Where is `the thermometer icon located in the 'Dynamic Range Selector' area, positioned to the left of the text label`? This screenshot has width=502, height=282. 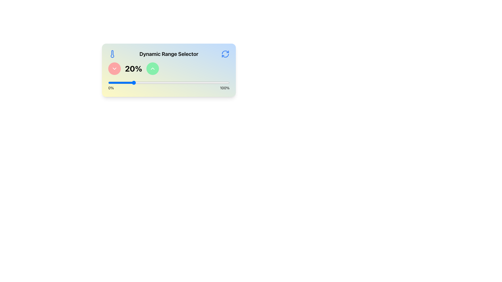 the thermometer icon located in the 'Dynamic Range Selector' area, positioned to the left of the text label is located at coordinates (112, 54).